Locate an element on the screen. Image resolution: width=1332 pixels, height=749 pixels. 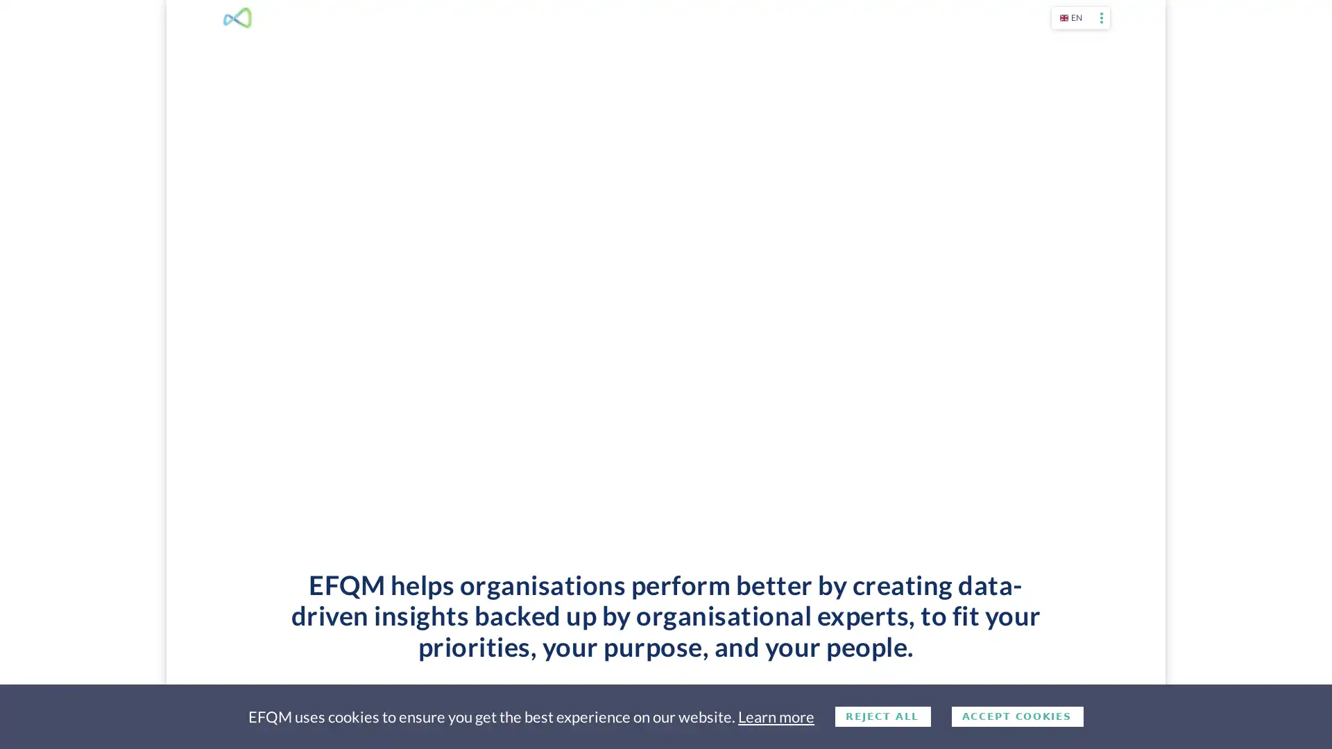
CONTACT is located at coordinates (955, 18).